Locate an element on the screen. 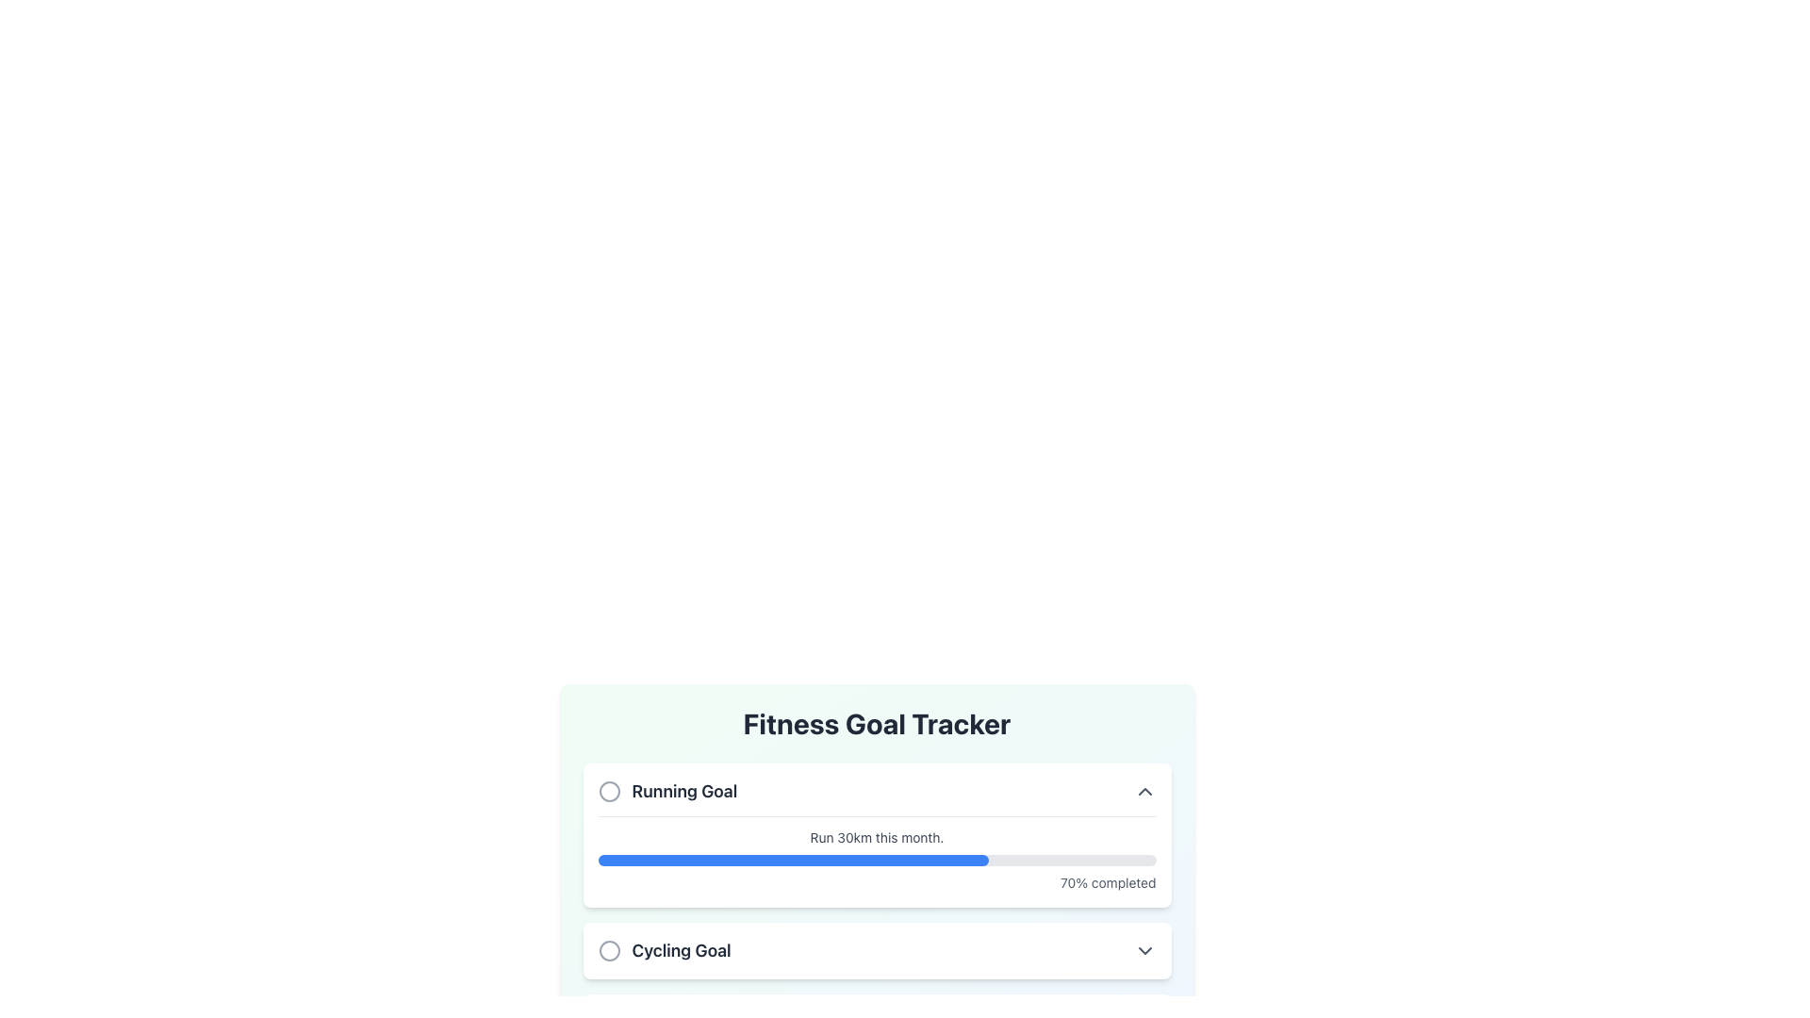 The height and width of the screenshot is (1018, 1810). the progress represented by the progress bar indicating 70% completion of the 'Running Goal' is located at coordinates (793, 861).